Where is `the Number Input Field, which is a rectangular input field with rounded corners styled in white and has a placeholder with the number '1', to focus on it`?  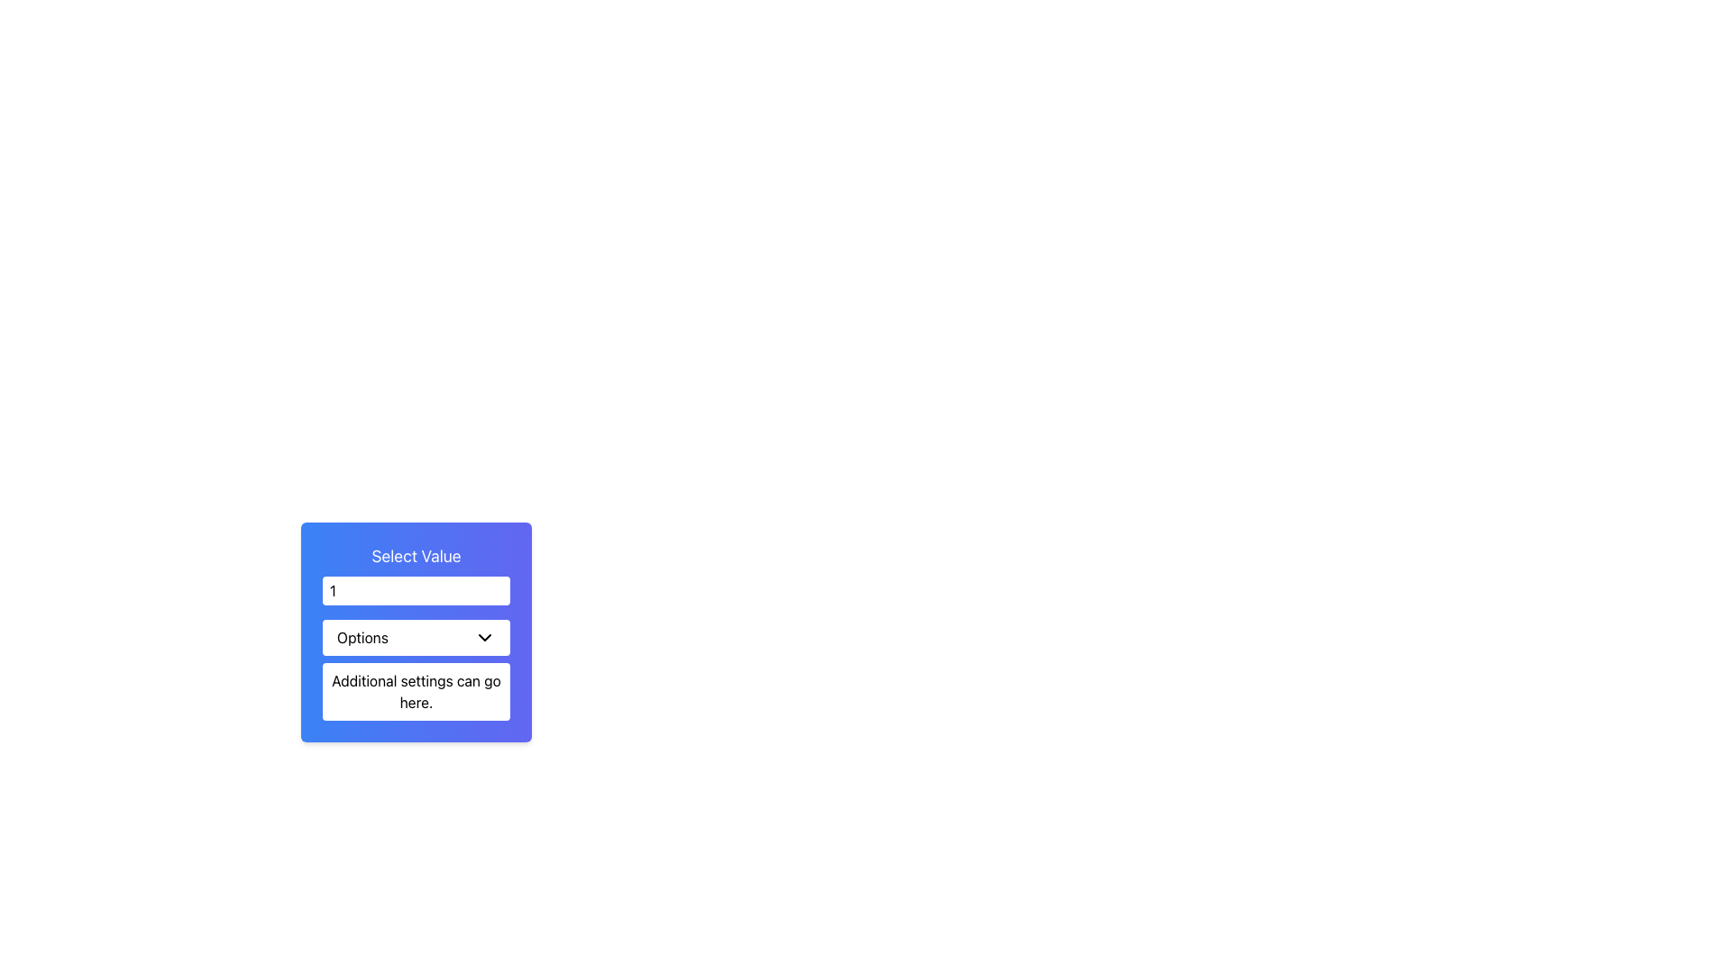 the Number Input Field, which is a rectangular input field with rounded corners styled in white and has a placeholder with the number '1', to focus on it is located at coordinates (415, 590).